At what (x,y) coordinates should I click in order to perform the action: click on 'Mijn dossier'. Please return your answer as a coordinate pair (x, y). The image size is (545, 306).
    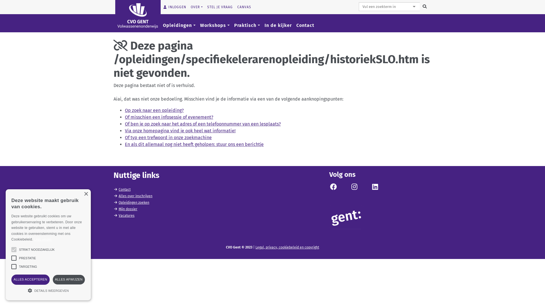
    Looking at the image, I should click on (128, 209).